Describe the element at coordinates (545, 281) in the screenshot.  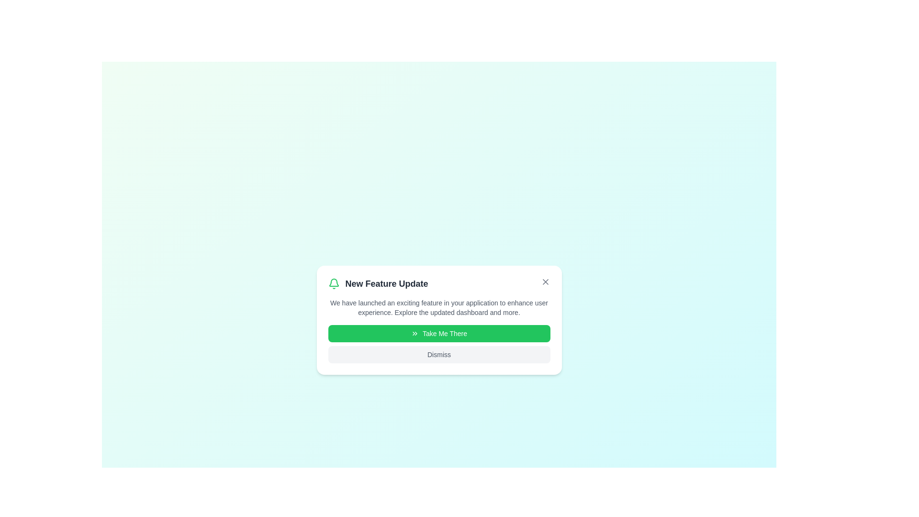
I see `the close button in the top-right corner of the alert` at that location.